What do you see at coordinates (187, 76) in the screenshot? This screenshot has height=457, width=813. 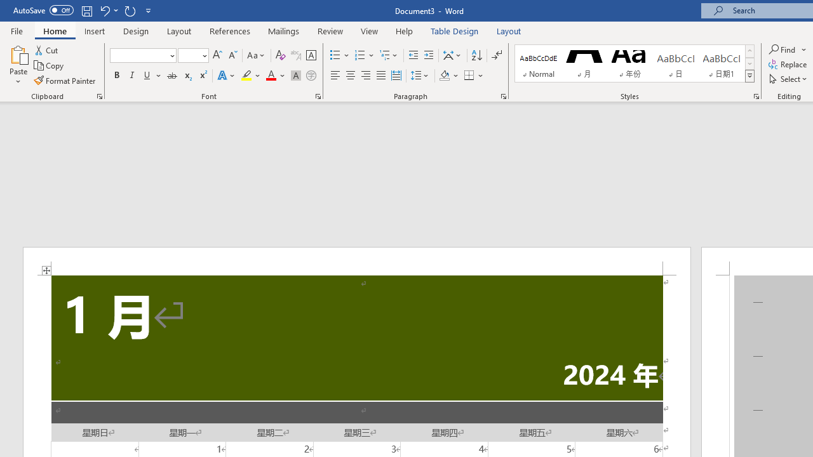 I see `'Subscript'` at bounding box center [187, 76].